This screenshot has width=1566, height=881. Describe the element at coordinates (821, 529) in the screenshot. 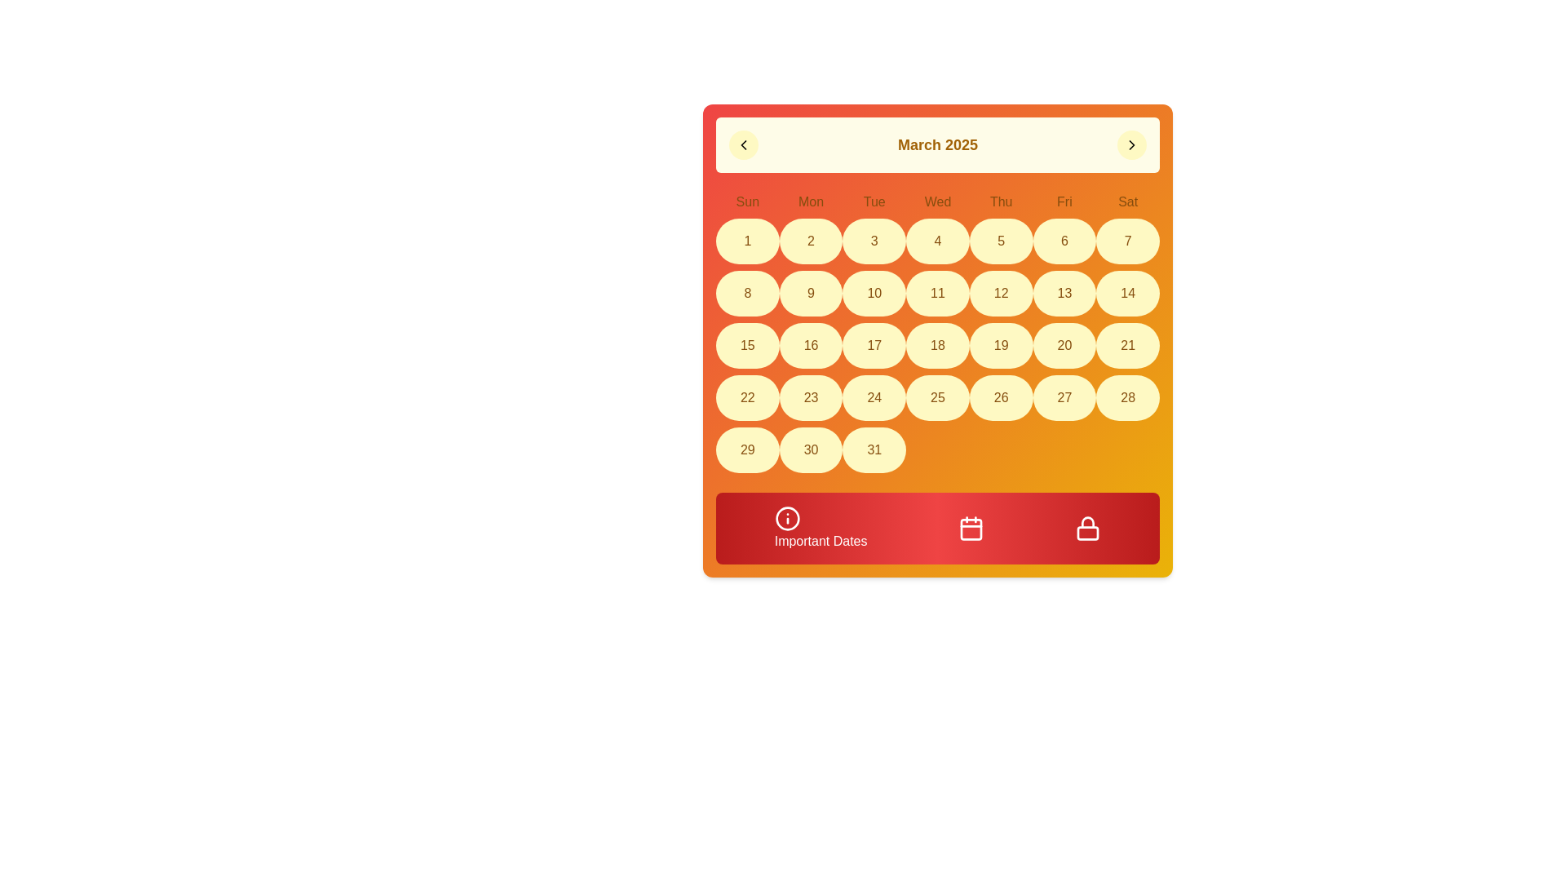

I see `the button labeled 'Important Dates' with a gradient red background, located at the bottom left of the interface` at that location.